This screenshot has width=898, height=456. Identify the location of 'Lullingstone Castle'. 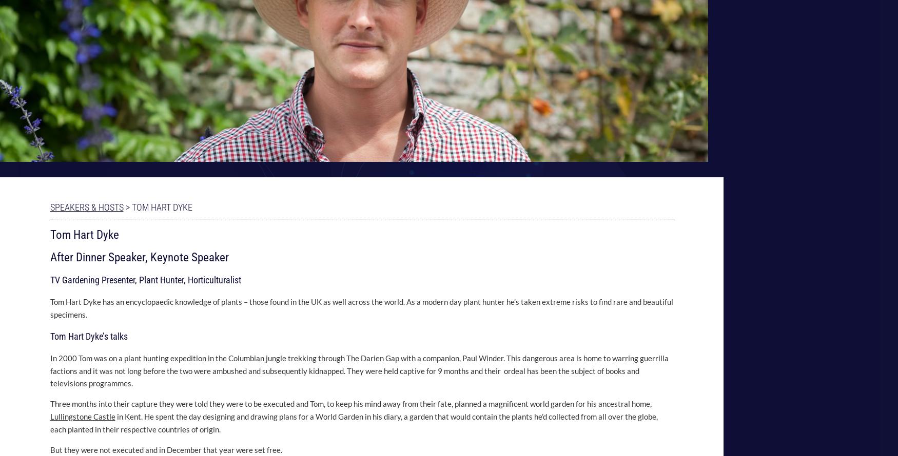
(82, 417).